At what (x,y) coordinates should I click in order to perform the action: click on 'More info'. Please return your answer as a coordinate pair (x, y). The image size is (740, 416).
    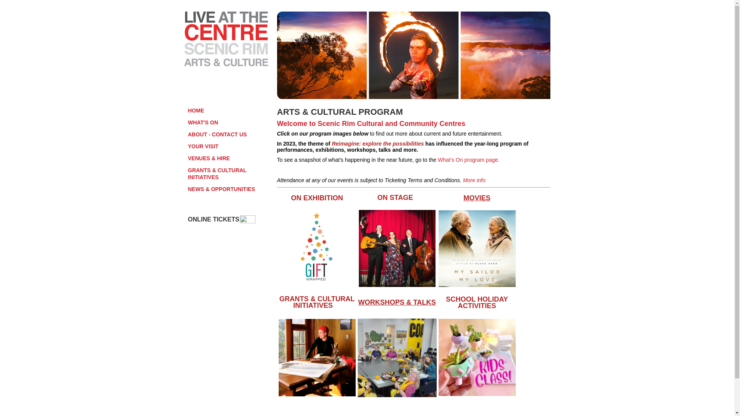
    Looking at the image, I should click on (462, 180).